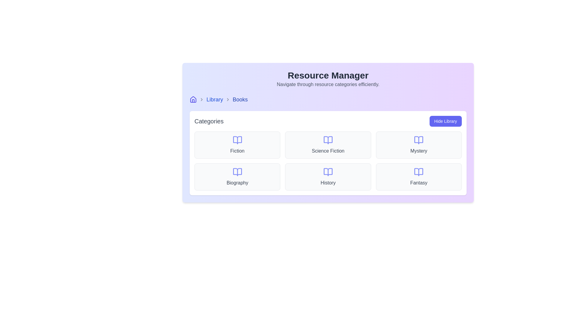  Describe the element at coordinates (328, 140) in the screenshot. I see `the 'Science Fiction' category icon located at the top-center of the section, between the 'Fiction' and 'Mystery' labels` at that location.